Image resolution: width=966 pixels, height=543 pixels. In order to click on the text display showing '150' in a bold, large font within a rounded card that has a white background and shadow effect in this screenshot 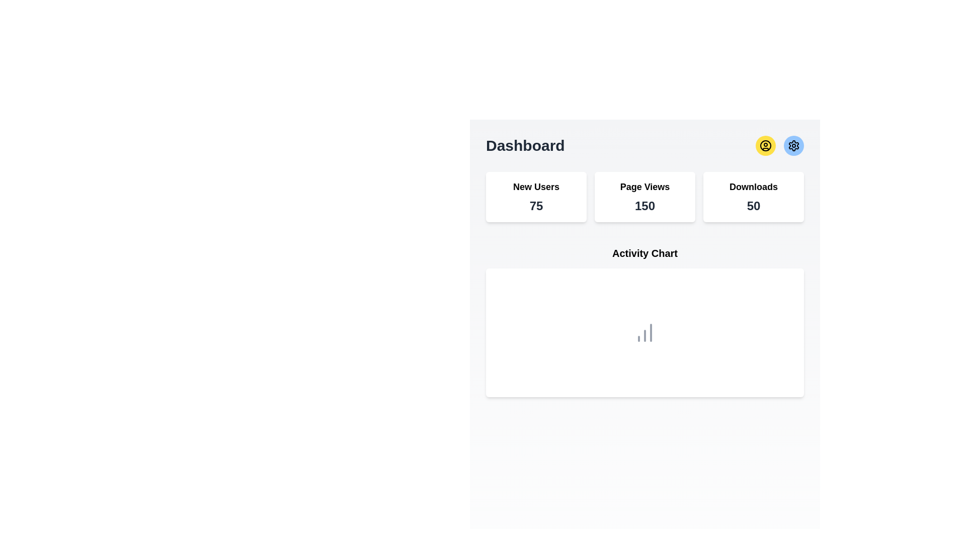, I will do `click(645, 205)`.